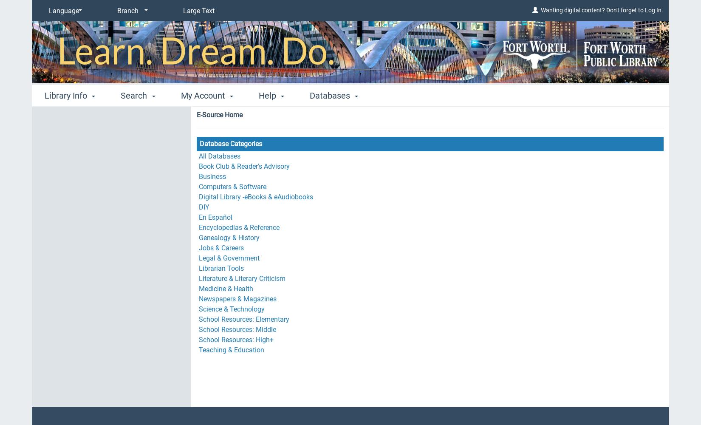 Image resolution: width=701 pixels, height=425 pixels. Describe the element at coordinates (198, 349) in the screenshot. I see `'Teaching & Education'` at that location.